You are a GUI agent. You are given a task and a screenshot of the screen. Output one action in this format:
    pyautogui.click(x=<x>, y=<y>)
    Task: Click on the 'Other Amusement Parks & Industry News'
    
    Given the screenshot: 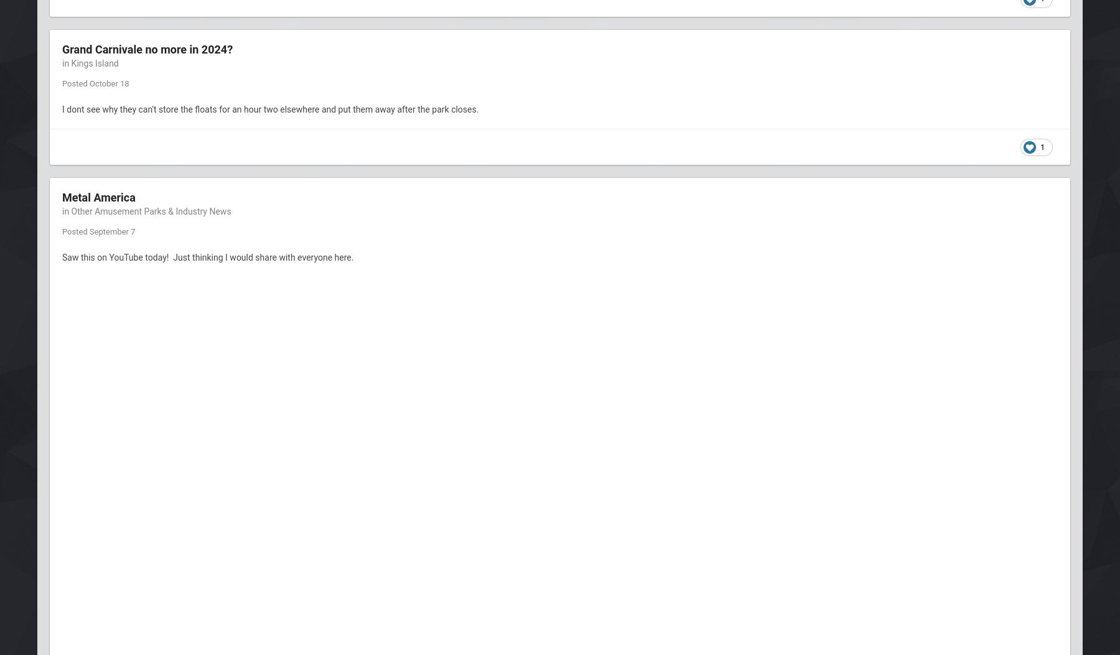 What is the action you would take?
    pyautogui.click(x=150, y=211)
    